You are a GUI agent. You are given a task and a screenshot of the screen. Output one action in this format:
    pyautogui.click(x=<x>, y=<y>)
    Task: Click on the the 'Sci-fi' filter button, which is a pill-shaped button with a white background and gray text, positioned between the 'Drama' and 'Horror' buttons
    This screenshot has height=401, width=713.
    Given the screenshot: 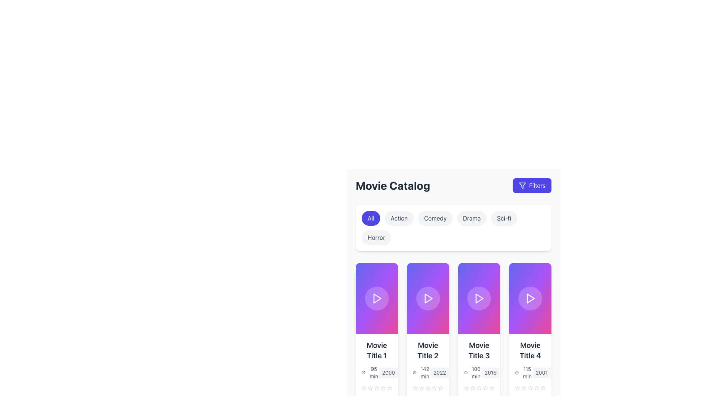 What is the action you would take?
    pyautogui.click(x=504, y=218)
    